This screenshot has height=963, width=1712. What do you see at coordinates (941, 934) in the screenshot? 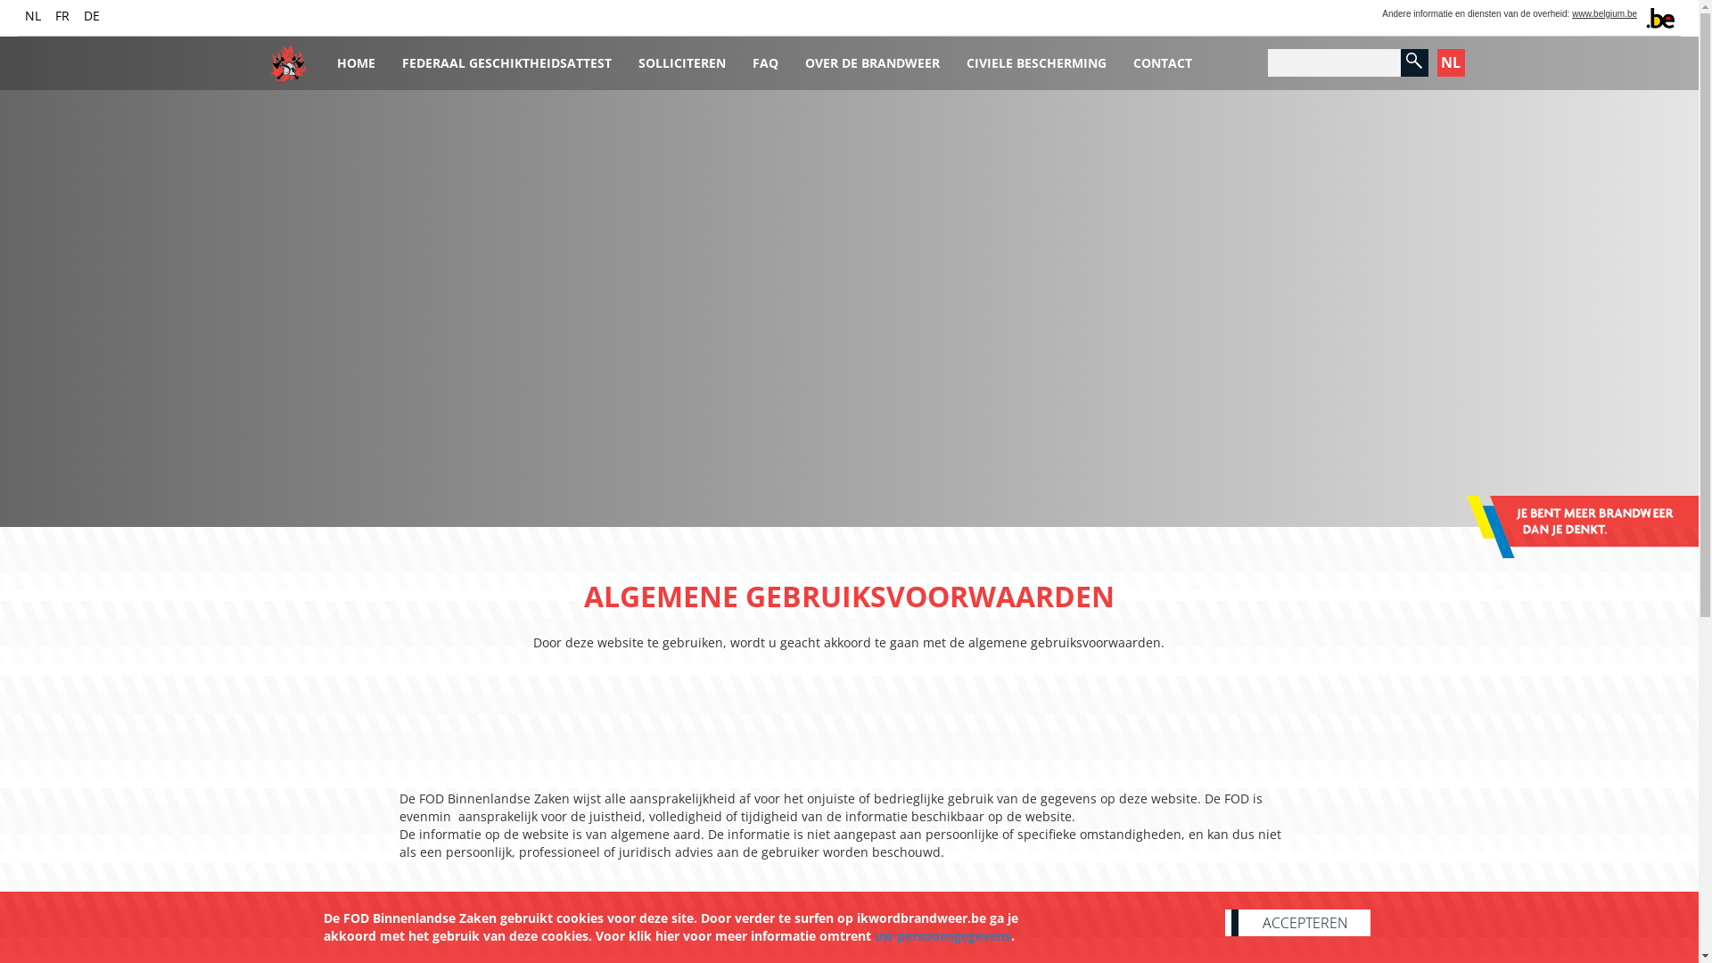
I see `'uw persoonsgegevens'` at bounding box center [941, 934].